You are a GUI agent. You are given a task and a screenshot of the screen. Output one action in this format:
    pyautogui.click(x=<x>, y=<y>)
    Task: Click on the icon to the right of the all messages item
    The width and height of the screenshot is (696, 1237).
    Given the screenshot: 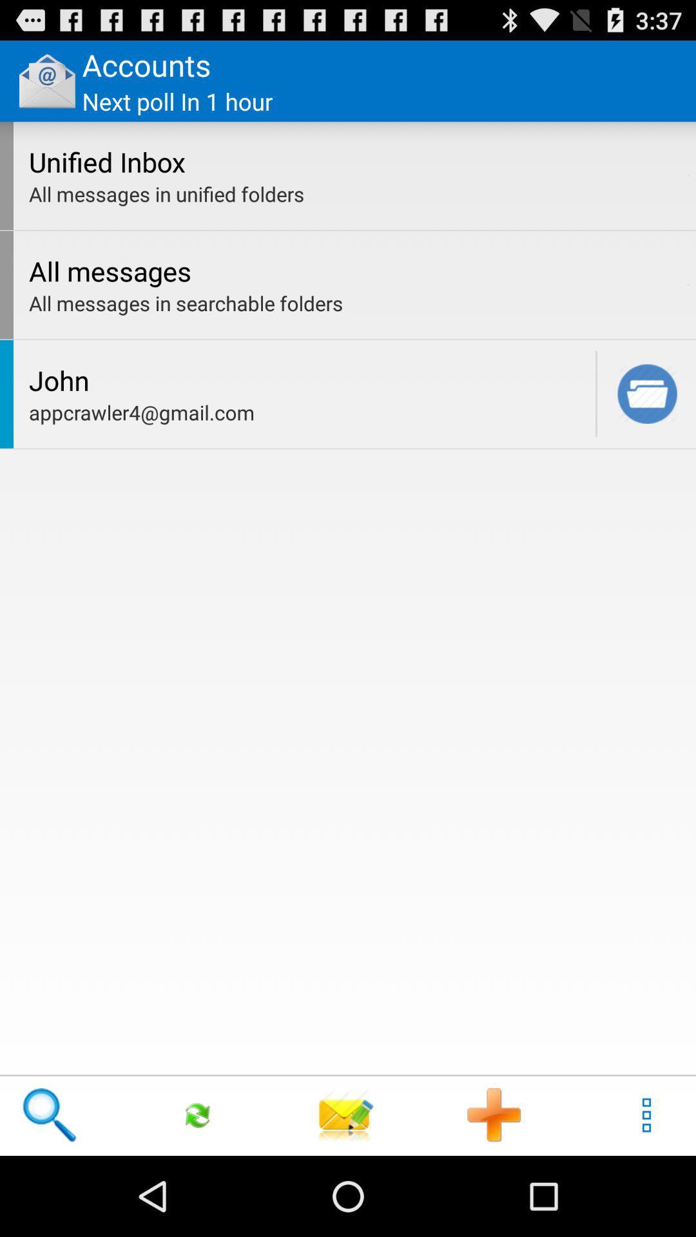 What is the action you would take?
    pyautogui.click(x=688, y=284)
    